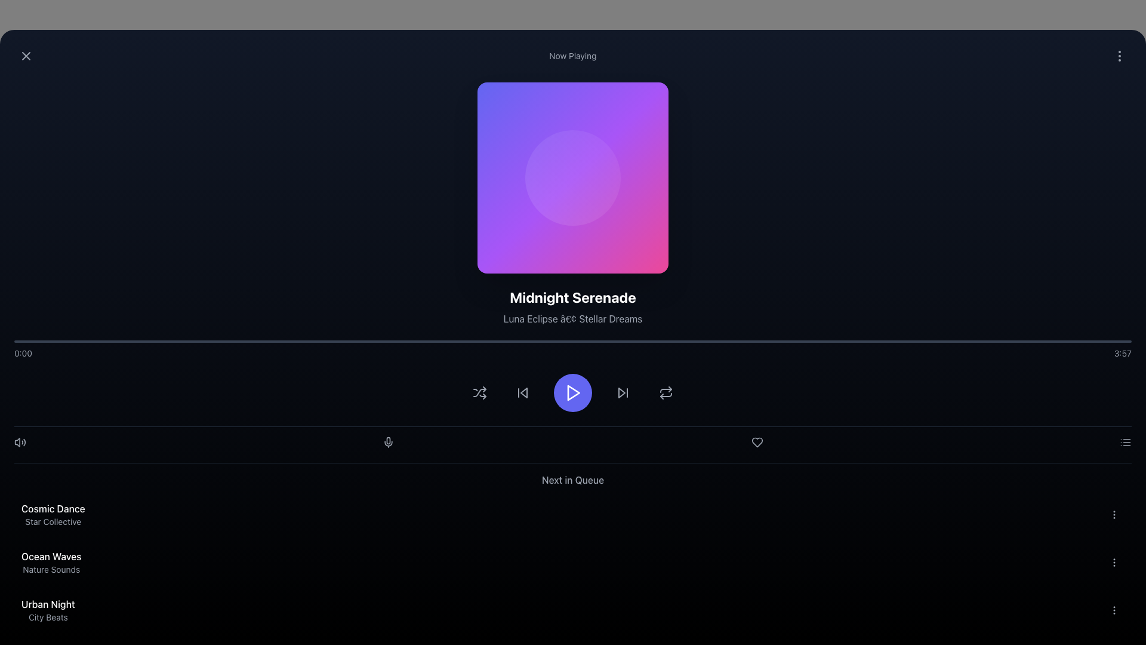 This screenshot has height=645, width=1146. I want to click on playback, so click(159, 341).